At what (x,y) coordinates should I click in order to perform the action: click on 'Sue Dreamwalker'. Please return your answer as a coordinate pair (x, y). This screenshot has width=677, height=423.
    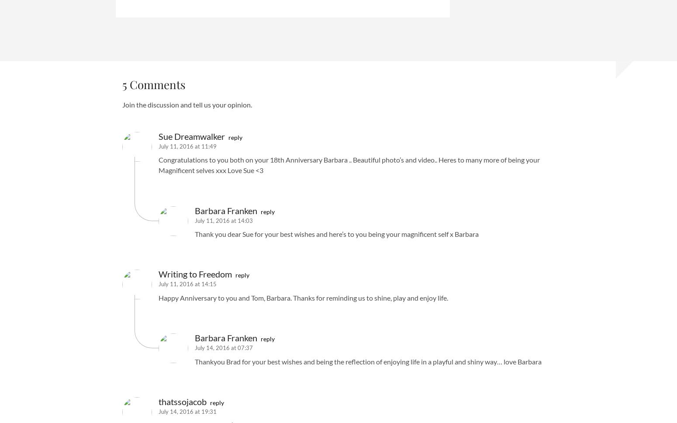
    Looking at the image, I should click on (158, 135).